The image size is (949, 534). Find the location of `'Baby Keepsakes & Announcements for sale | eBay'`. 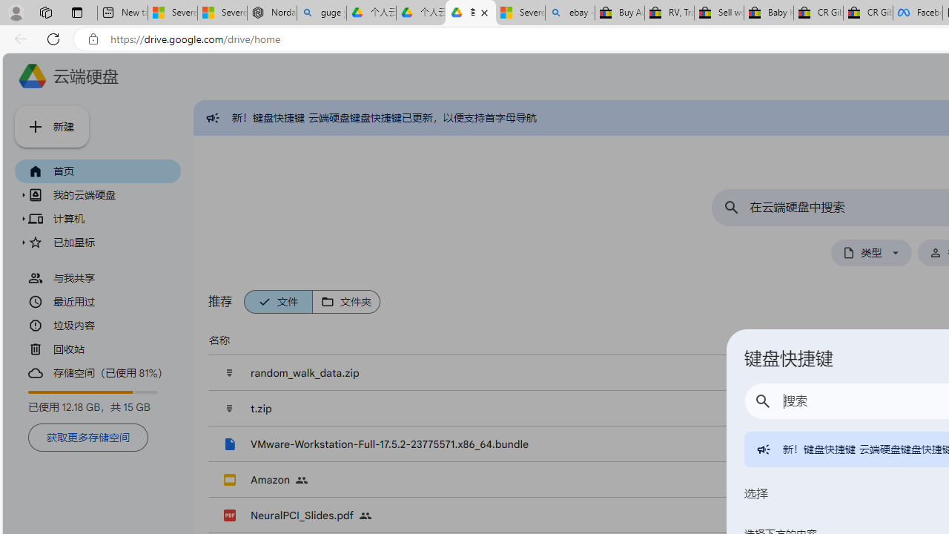

'Baby Keepsakes & Announcements for sale | eBay' is located at coordinates (768, 13).